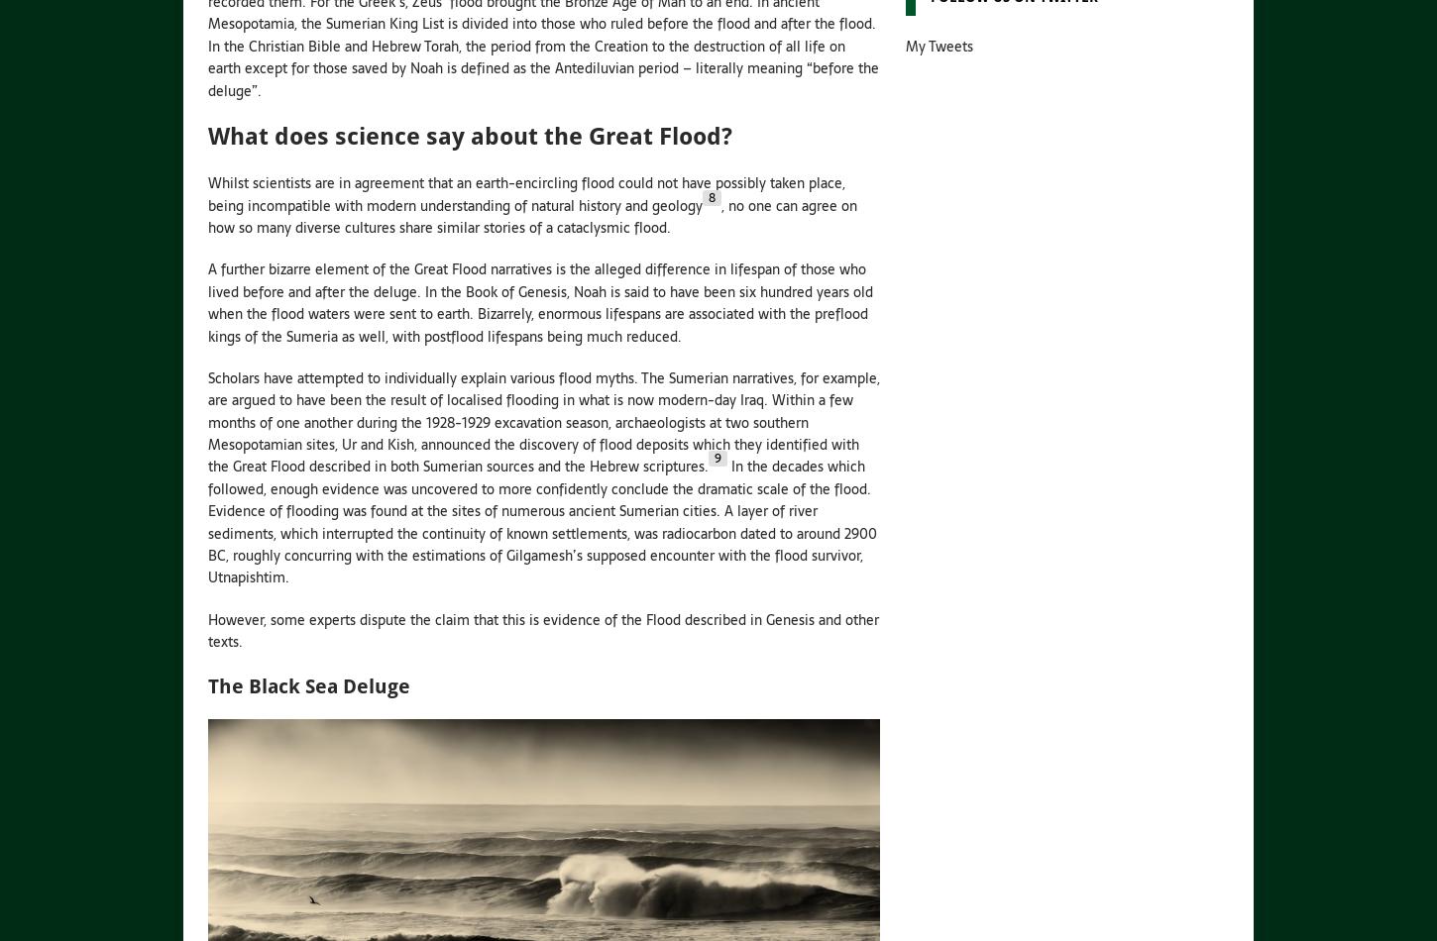 This screenshot has width=1437, height=941. I want to click on 'The Black Sea Deluge', so click(309, 684).